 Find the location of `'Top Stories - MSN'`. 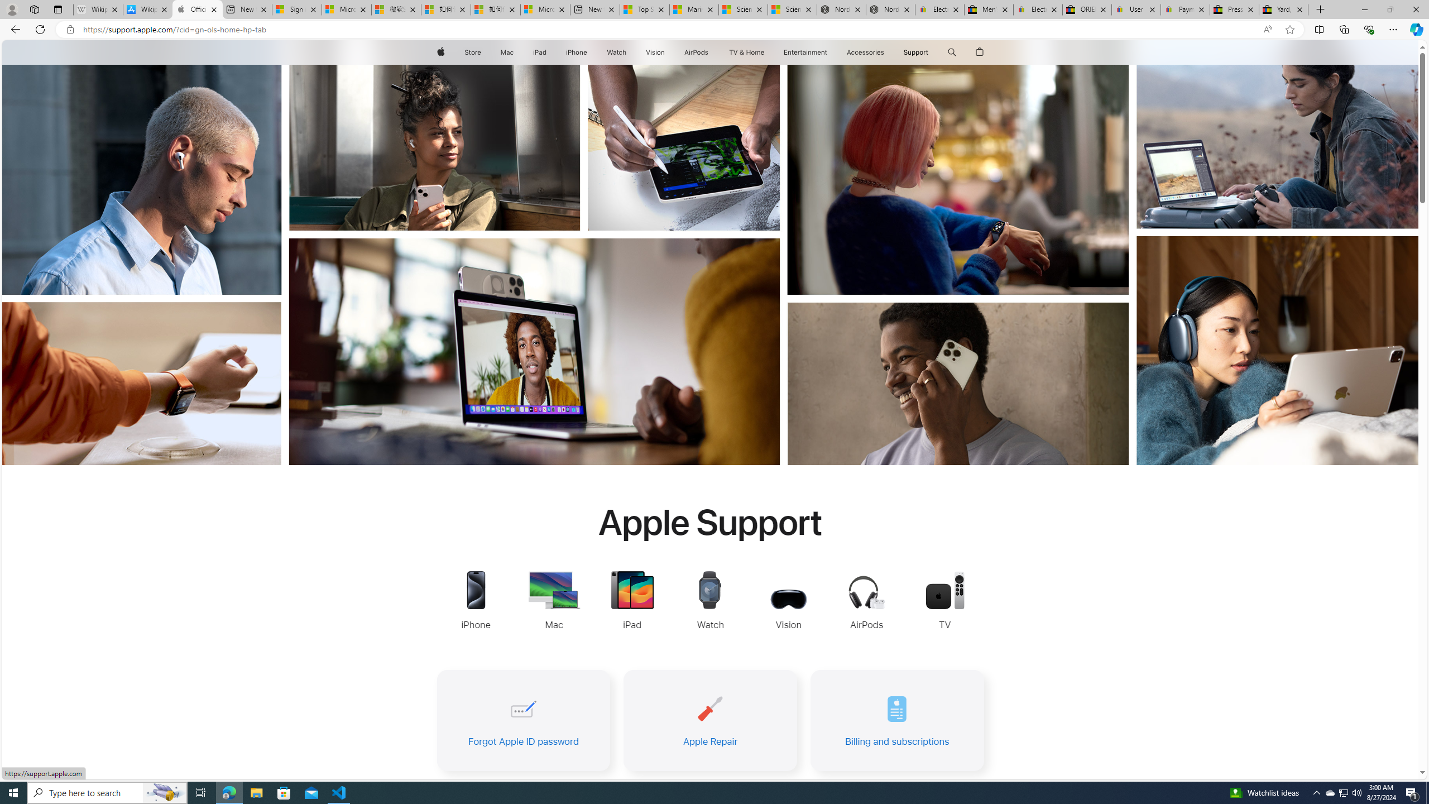

'Top Stories - MSN' is located at coordinates (644, 9).